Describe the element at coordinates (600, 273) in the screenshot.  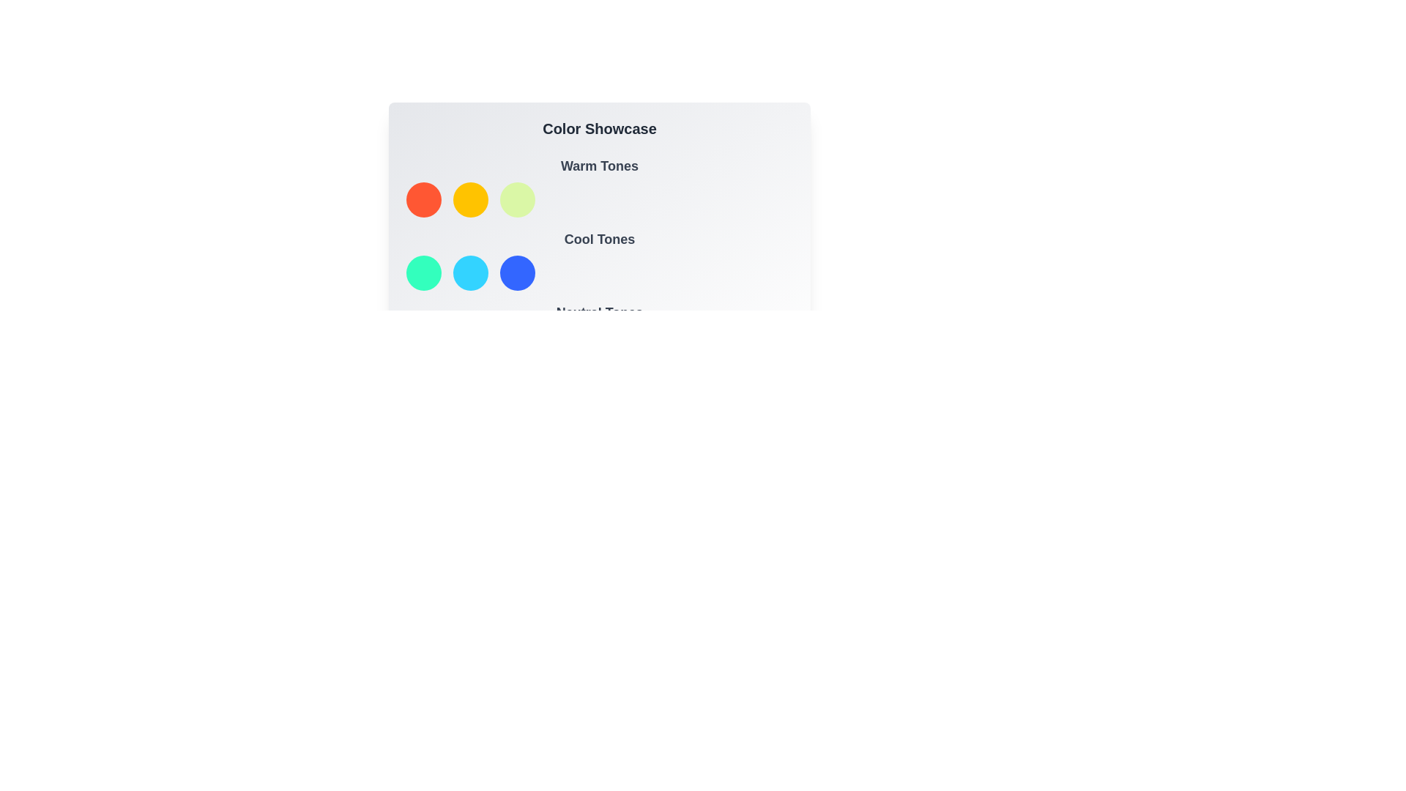
I see `the green circle from the color options under the 'Cool Tones' label, which consists of three circular components arranged horizontally` at that location.